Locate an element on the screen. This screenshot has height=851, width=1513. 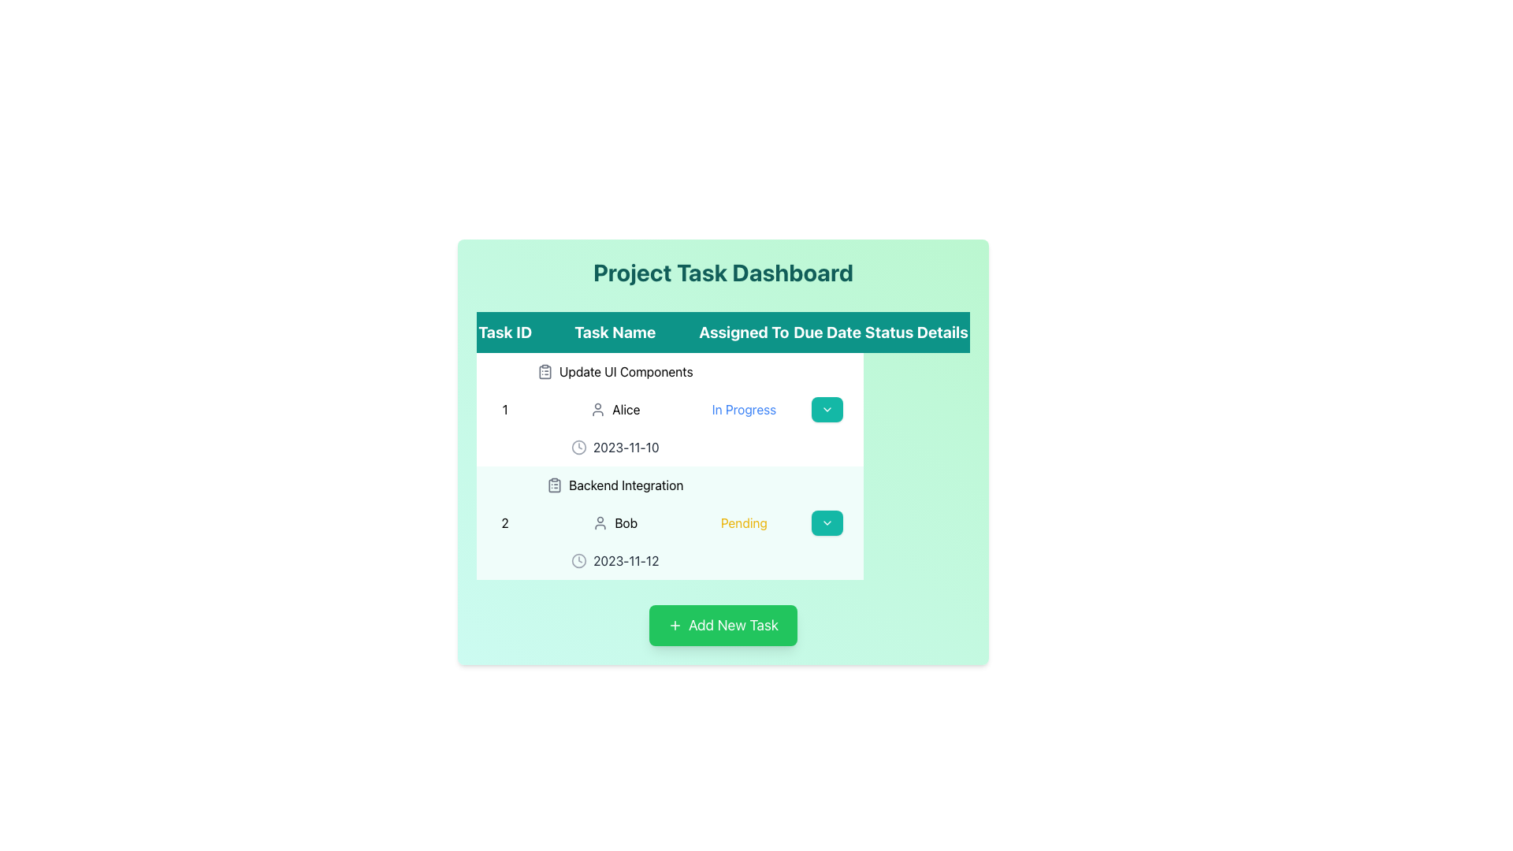
the dropdown button in the second row of the task table is located at coordinates (722, 465).